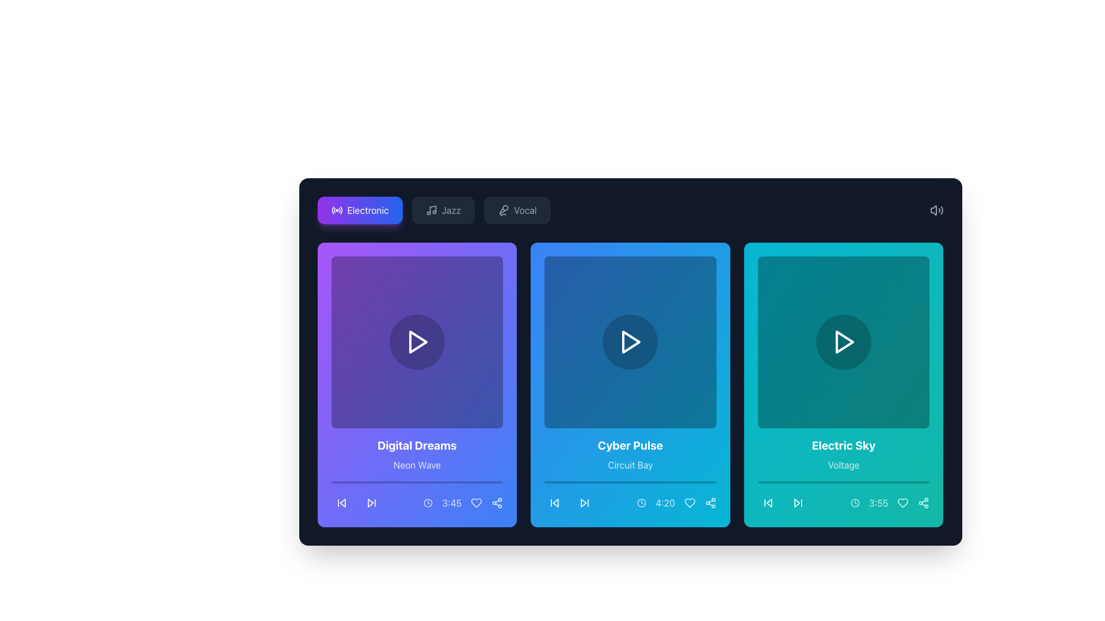 Image resolution: width=1105 pixels, height=621 pixels. Describe the element at coordinates (878, 502) in the screenshot. I see `the text label displaying the duration of the song 'Electric Sky', which is located to the right of the clock icon in the bottom section of the 'Electric Sky' card` at that location.